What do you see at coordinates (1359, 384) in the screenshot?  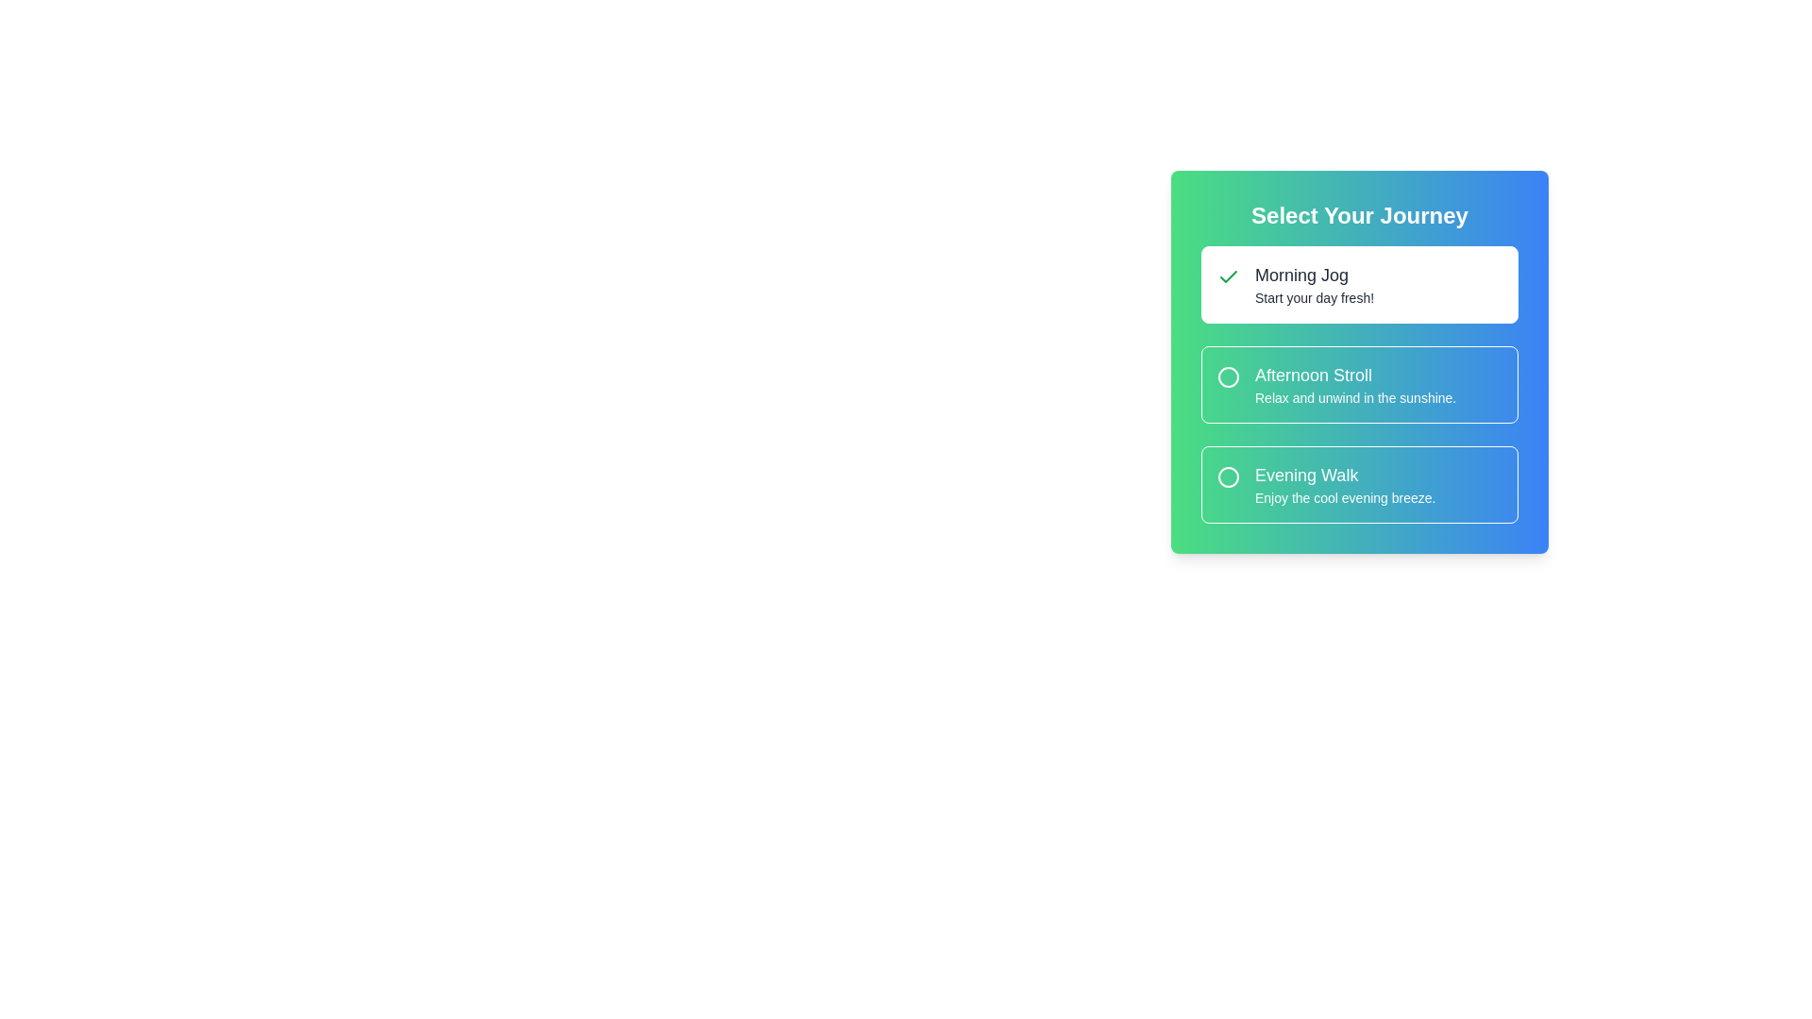 I see `the 'Afternoon Stroll' selectable option, which is the second option in a vertically stacked group with a gradient background and white text` at bounding box center [1359, 384].